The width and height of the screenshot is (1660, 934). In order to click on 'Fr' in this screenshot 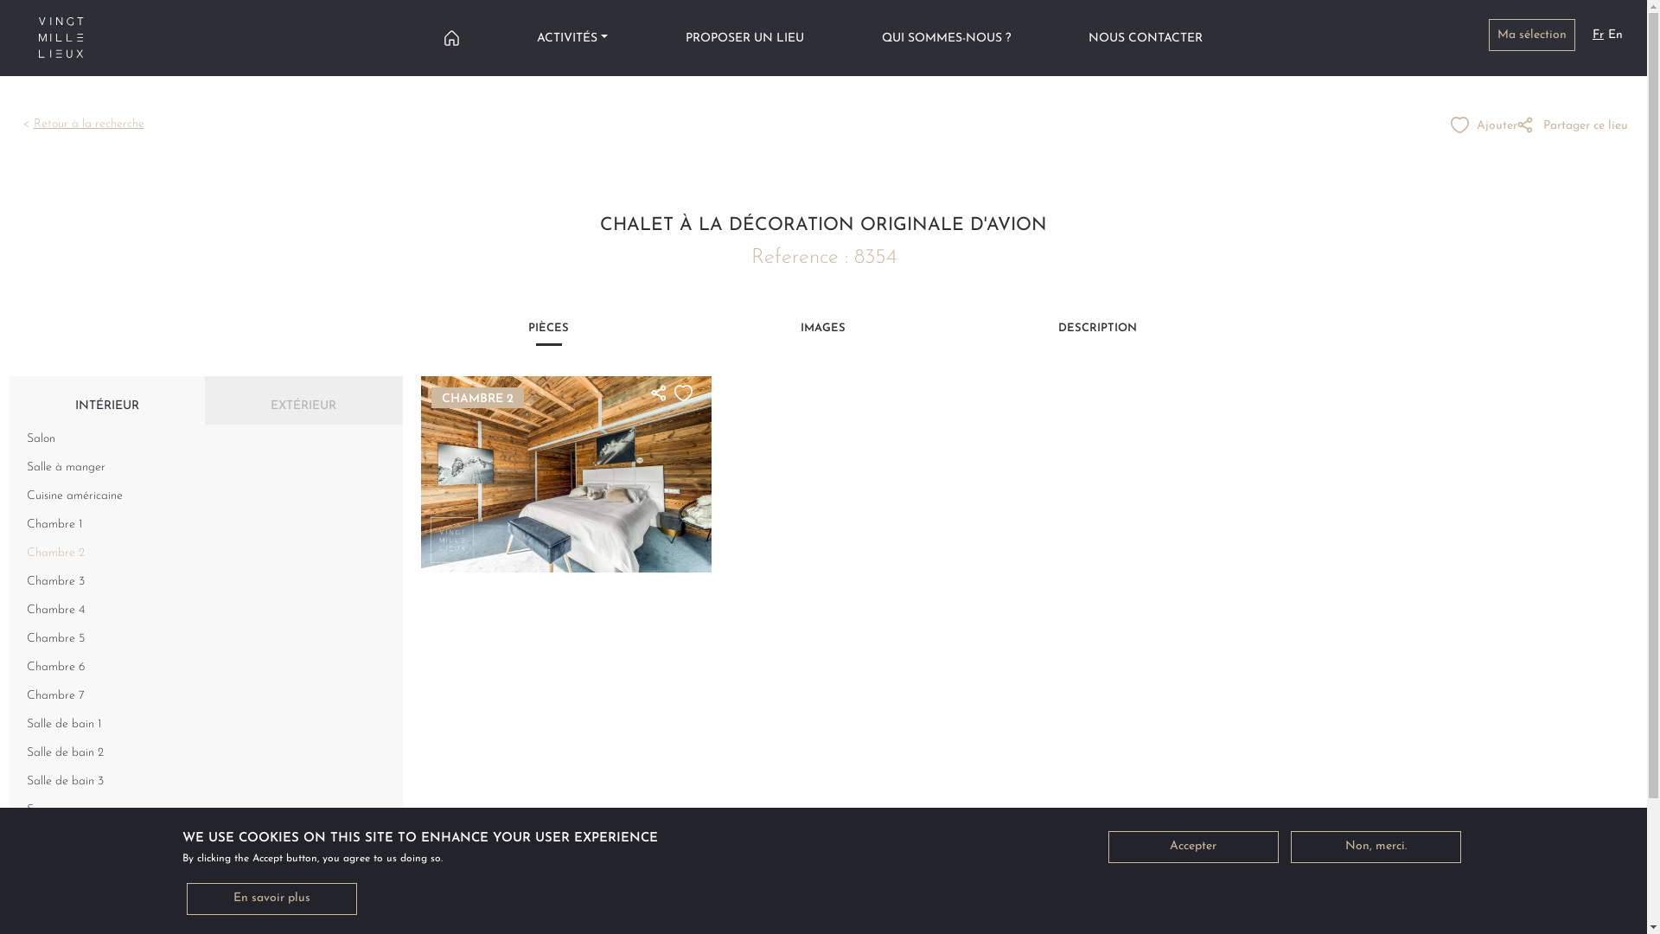, I will do `click(1597, 35)`.